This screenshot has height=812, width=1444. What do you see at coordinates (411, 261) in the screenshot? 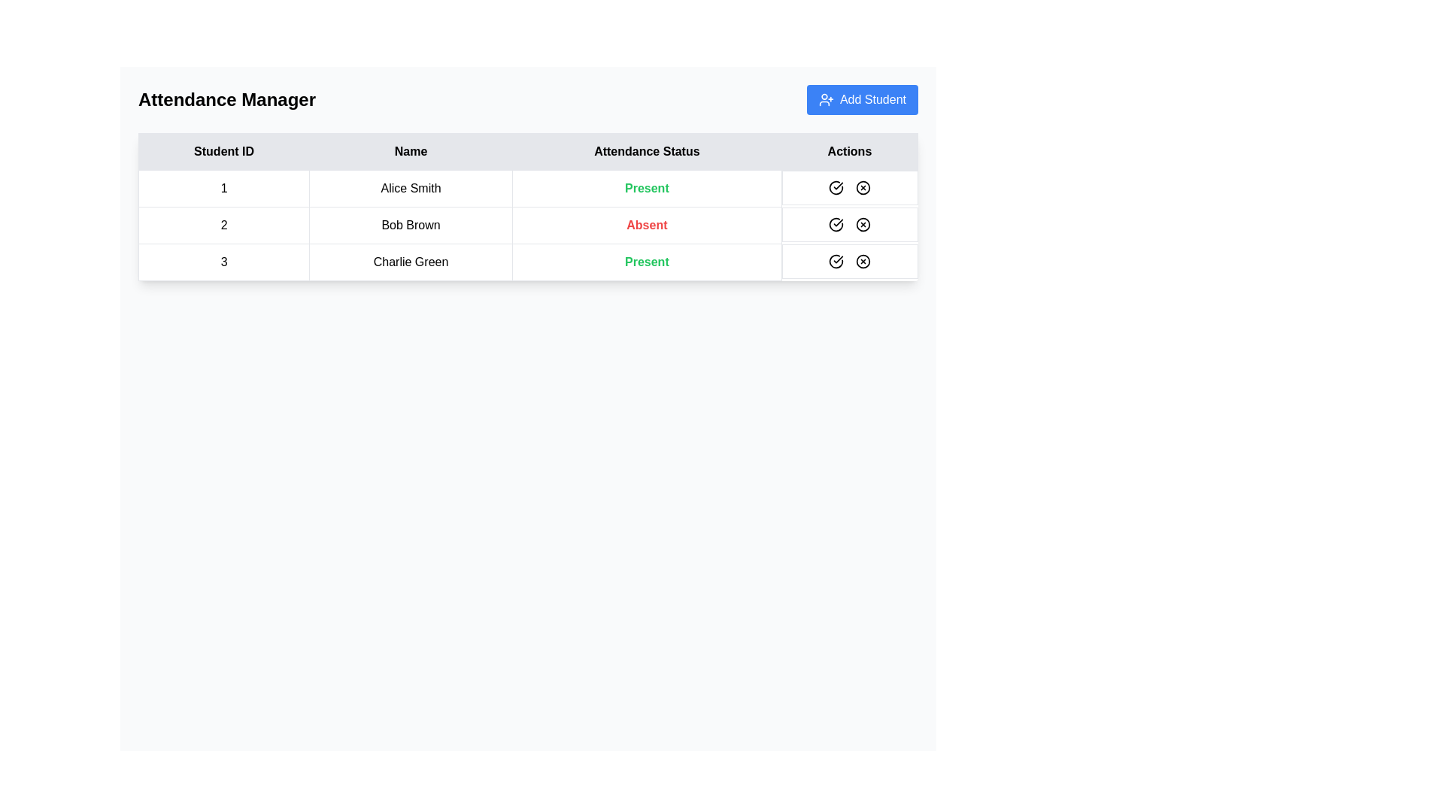
I see `the Text Label element displaying 'Charlie Green', which is located in the third row and second column of the table under the 'Name' header` at bounding box center [411, 261].